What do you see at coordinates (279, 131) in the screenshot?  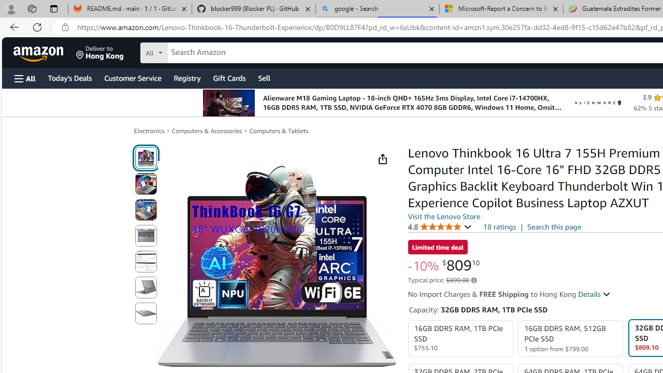 I see `'Computers & Tablets'` at bounding box center [279, 131].